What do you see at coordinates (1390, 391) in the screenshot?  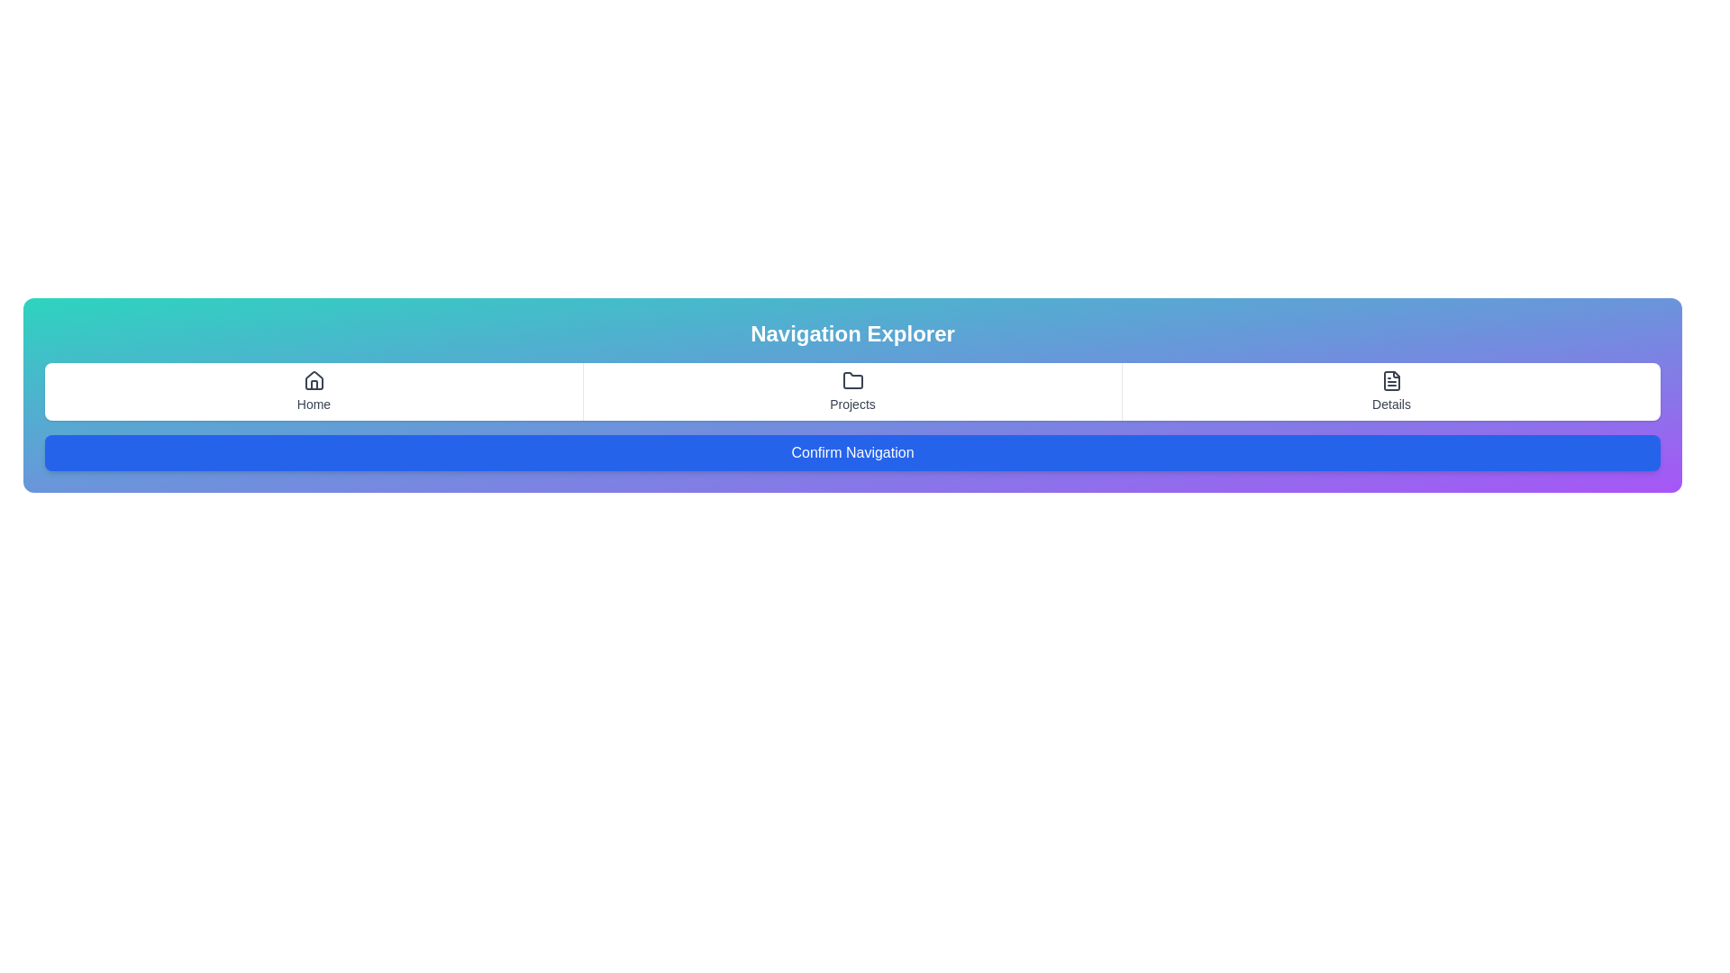 I see `the 'Details' tab` at bounding box center [1390, 391].